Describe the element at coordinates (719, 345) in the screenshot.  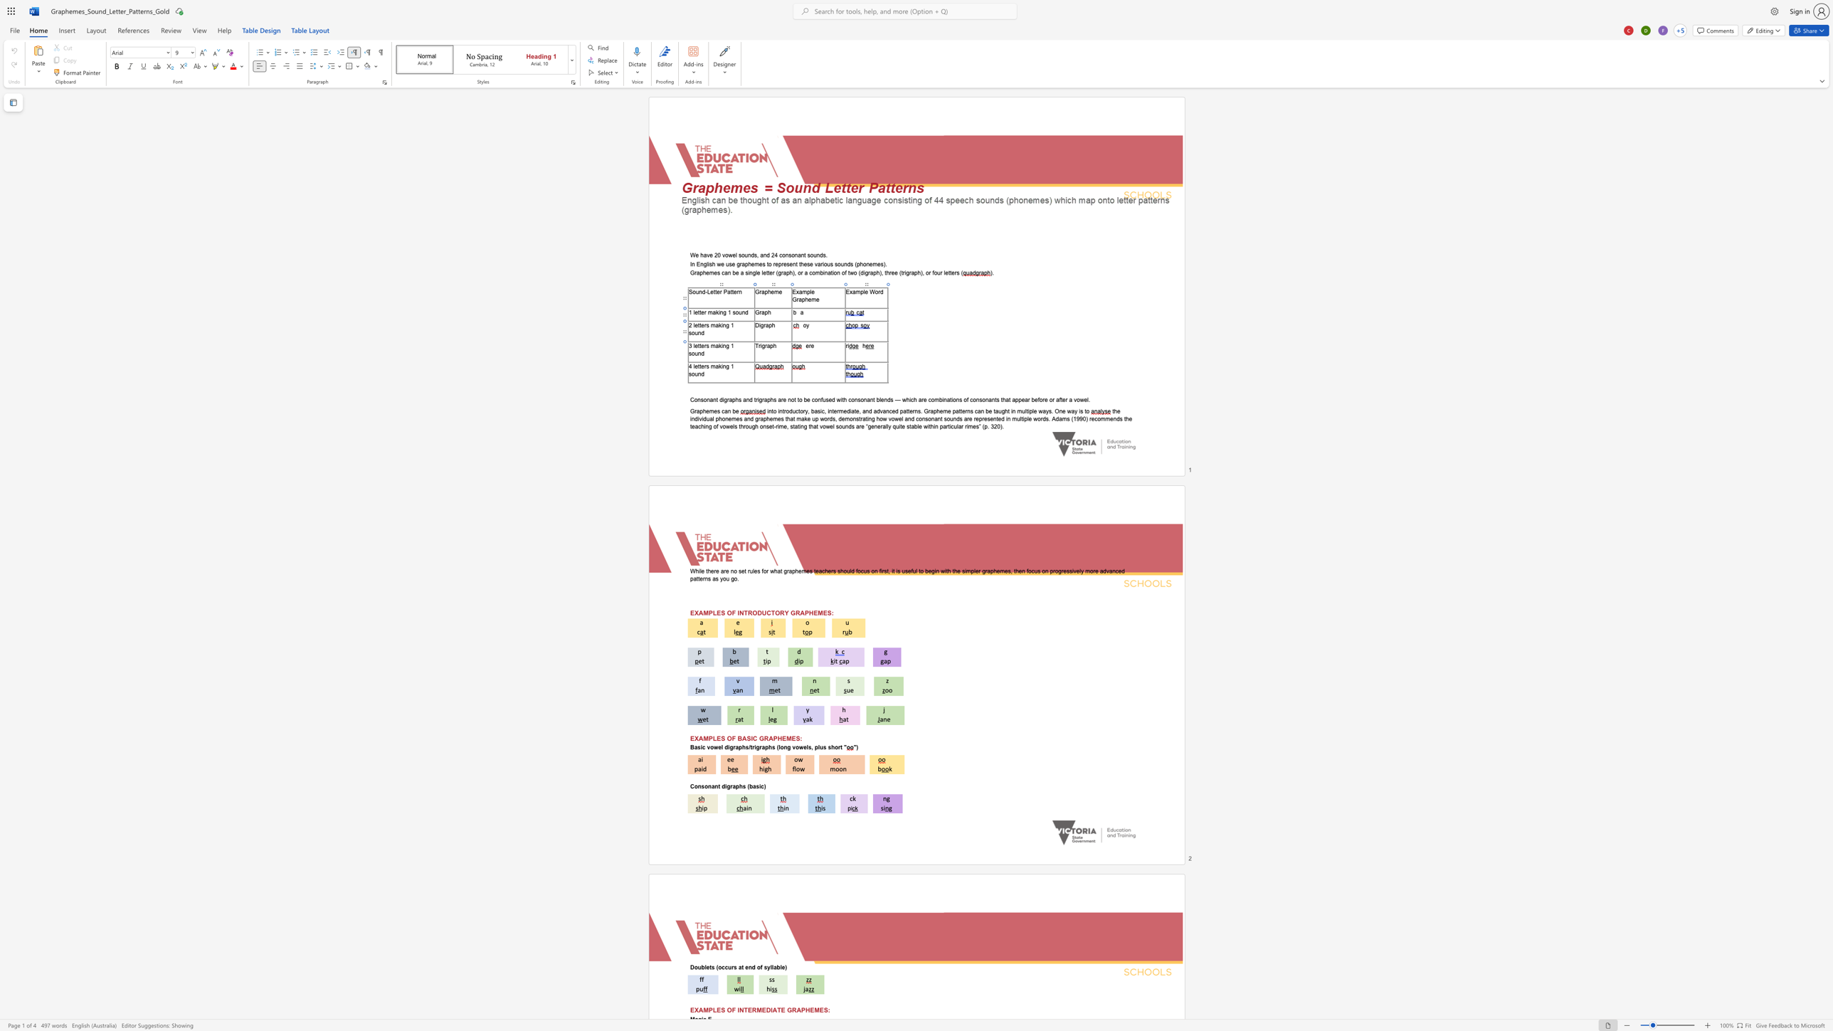
I see `the 1th character "k" in the text` at that location.